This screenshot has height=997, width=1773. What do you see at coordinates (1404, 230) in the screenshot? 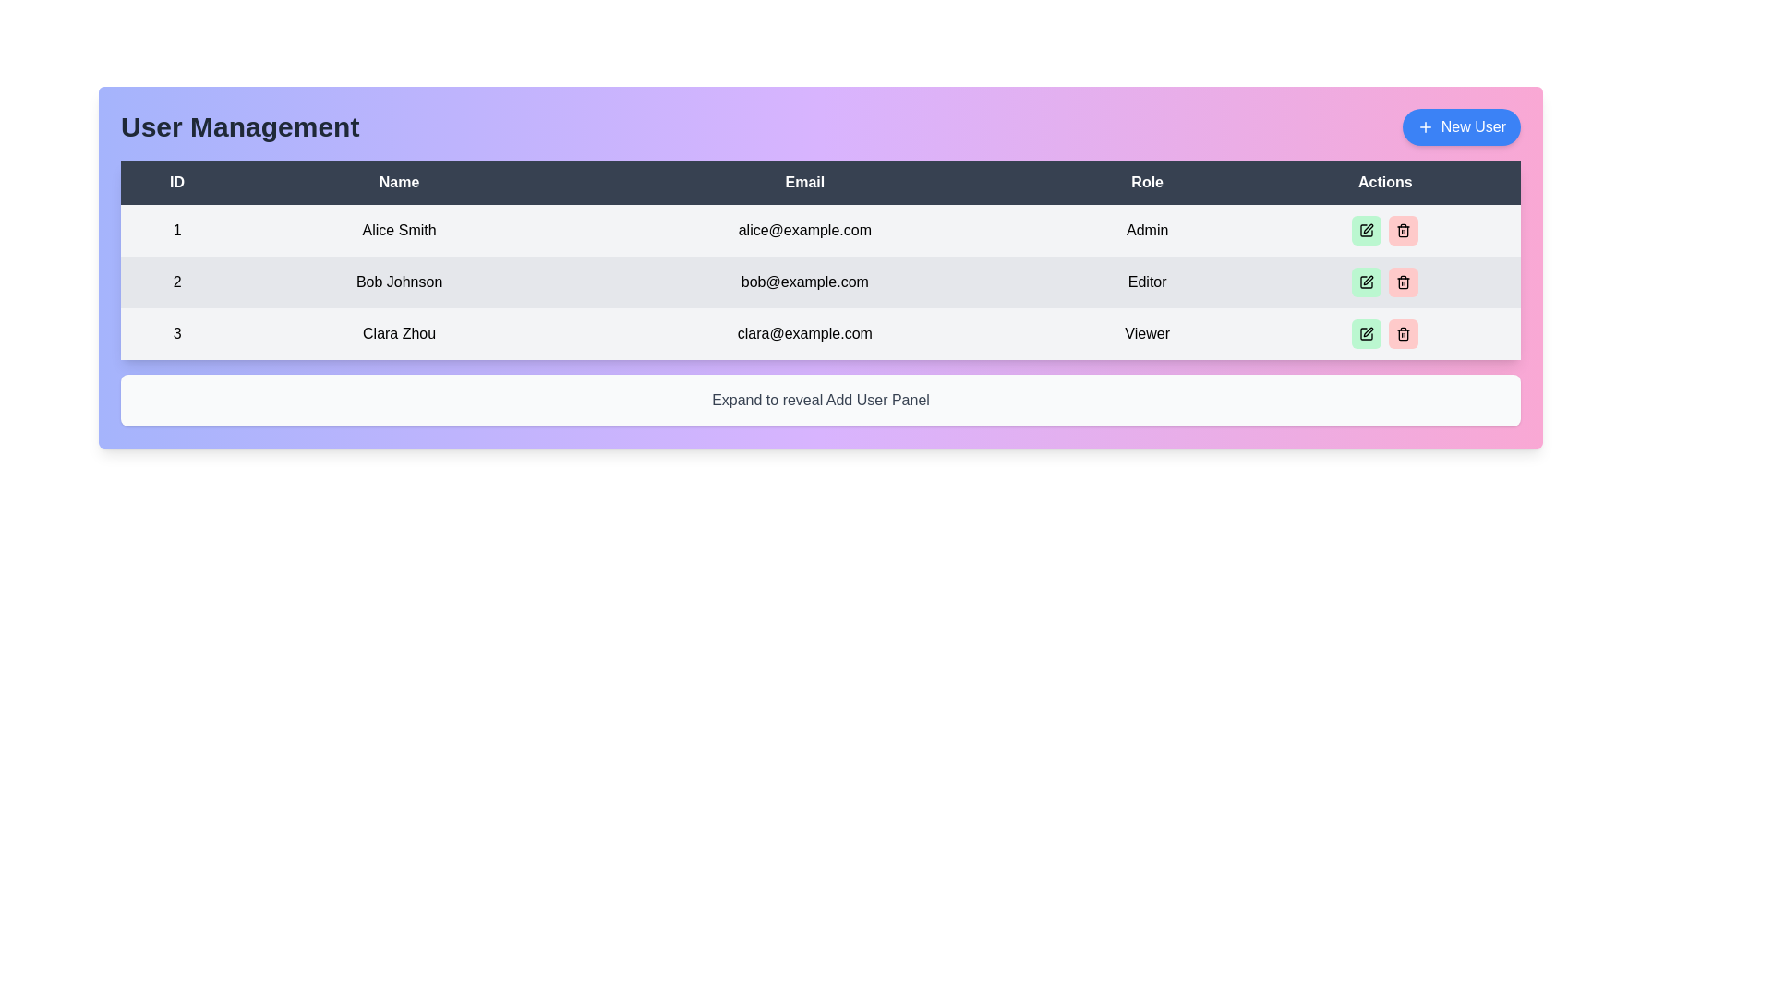
I see `the trash icon in the 'Actions' column of the first row to invoke deletion of the associated user entry with the email 'alice@example.com'` at bounding box center [1404, 230].